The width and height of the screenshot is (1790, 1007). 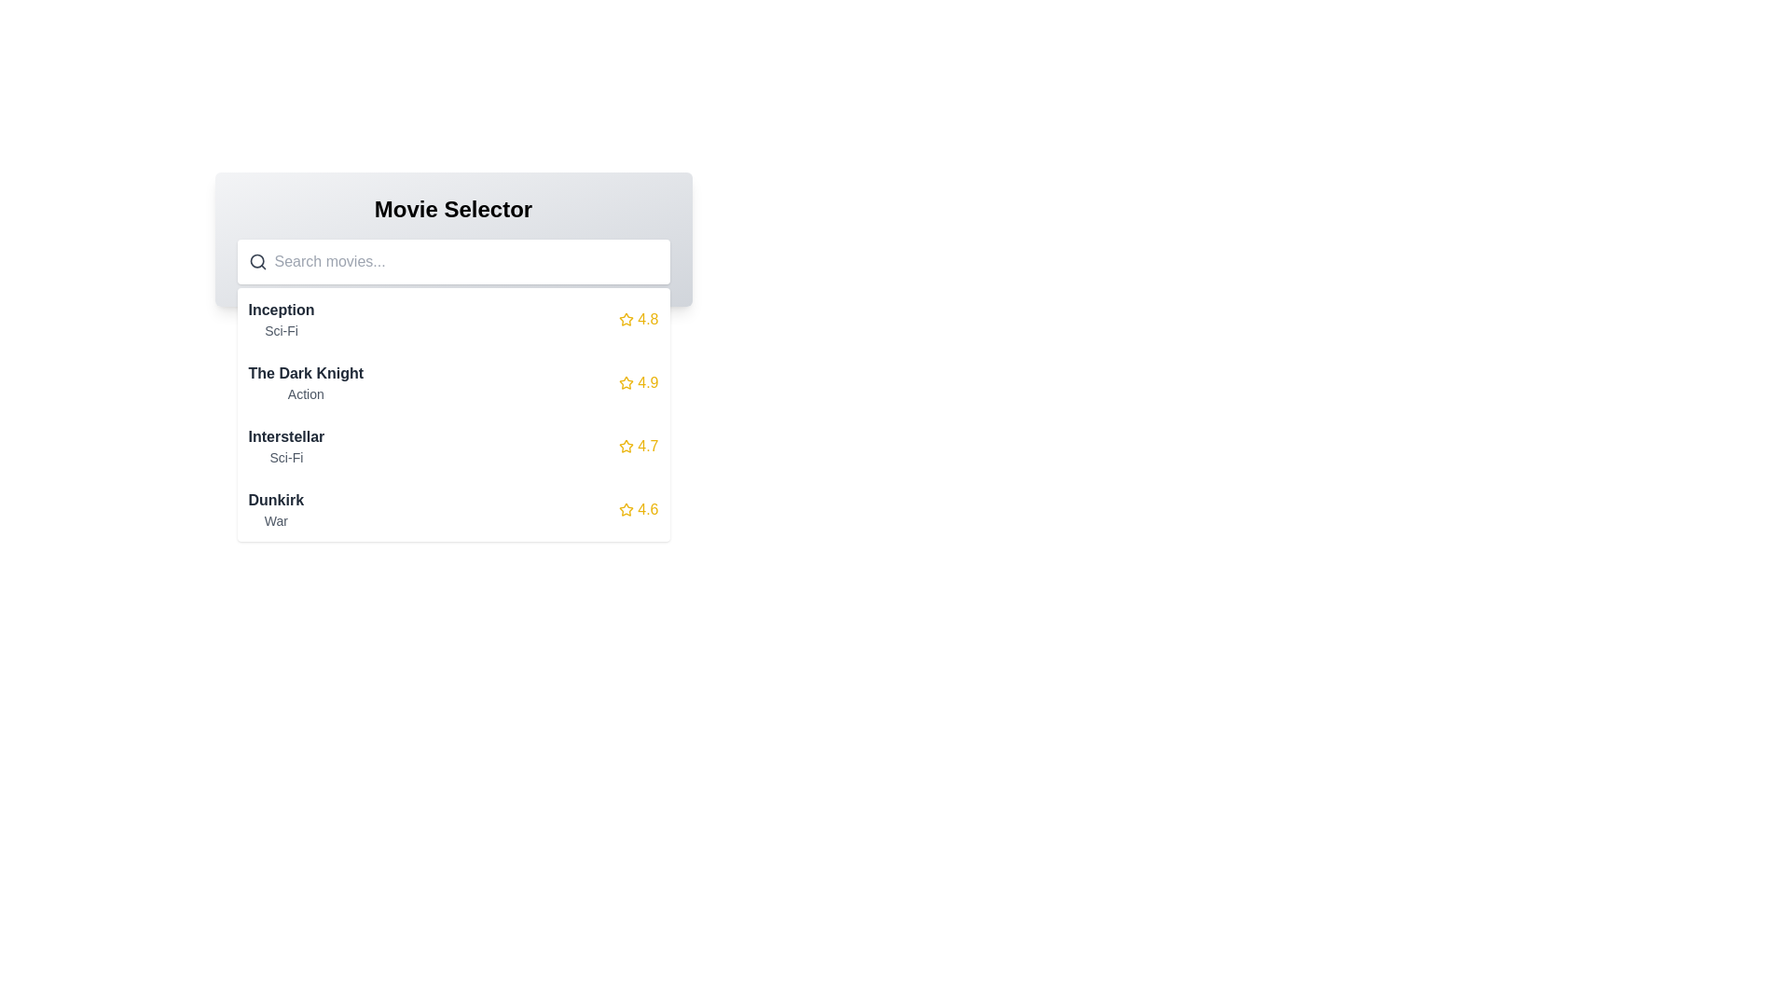 I want to click on the Composite rating display for the movie 'Inception', which is located on the right-hand side of the first item in the list under the text 'Inception' and 'Sci-Fi', so click(x=639, y=319).